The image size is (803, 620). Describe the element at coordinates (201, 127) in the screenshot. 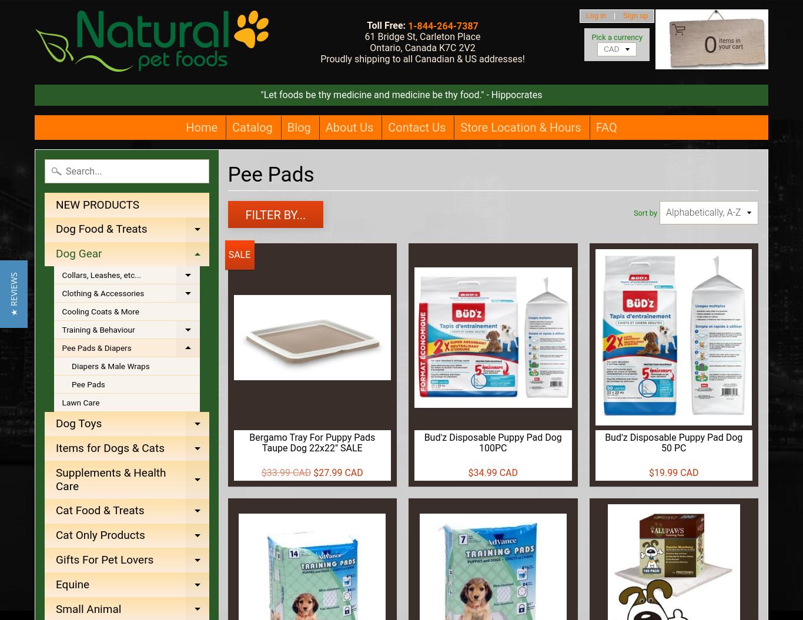

I see `'Home'` at that location.